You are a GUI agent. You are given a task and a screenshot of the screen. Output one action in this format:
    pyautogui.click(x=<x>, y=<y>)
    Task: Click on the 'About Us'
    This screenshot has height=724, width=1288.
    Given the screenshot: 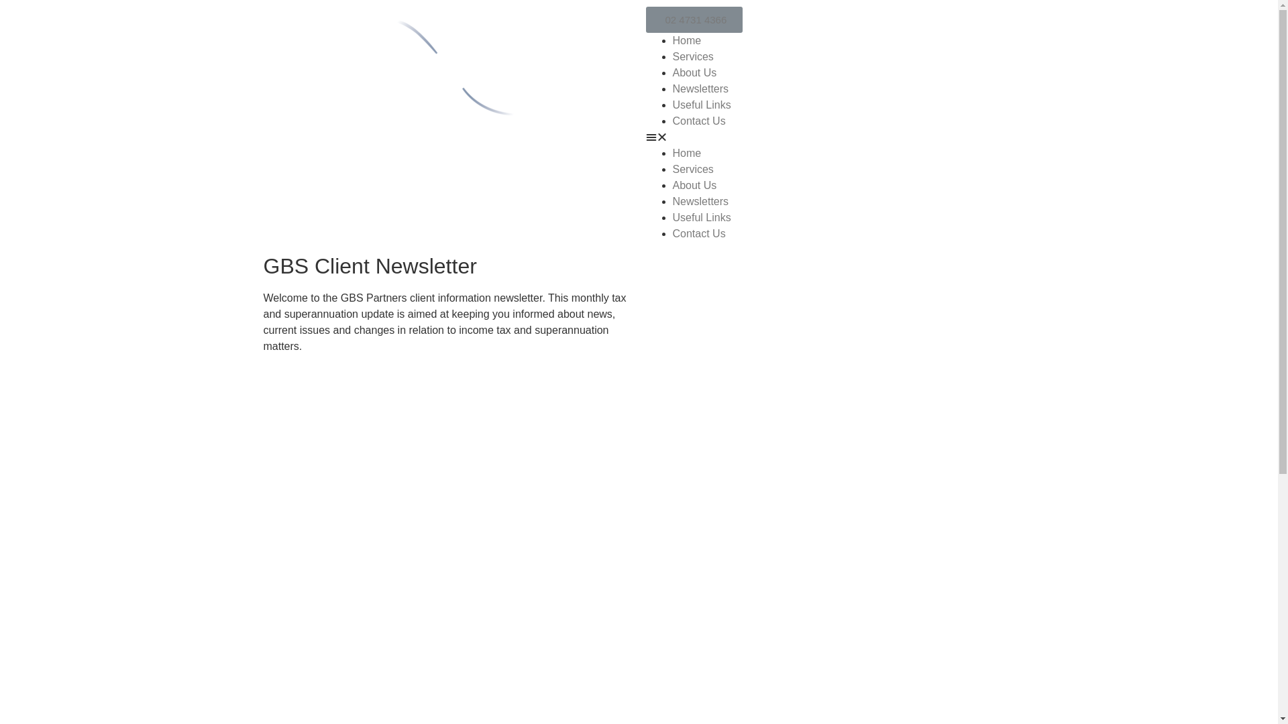 What is the action you would take?
    pyautogui.click(x=694, y=185)
    